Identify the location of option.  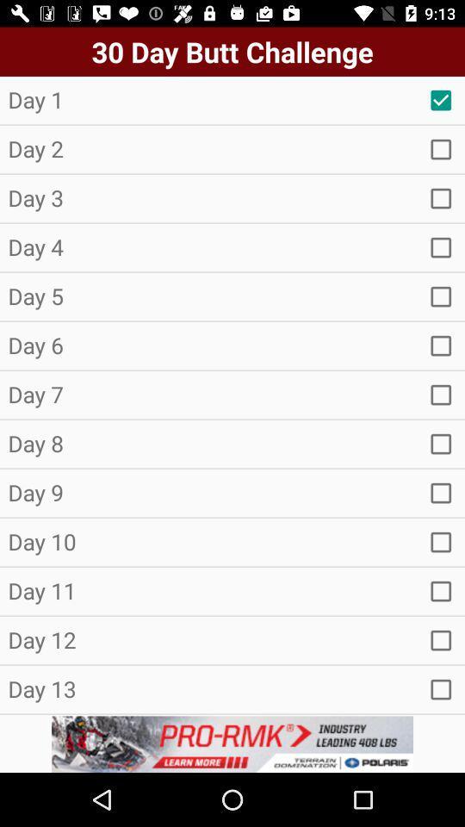
(441, 639).